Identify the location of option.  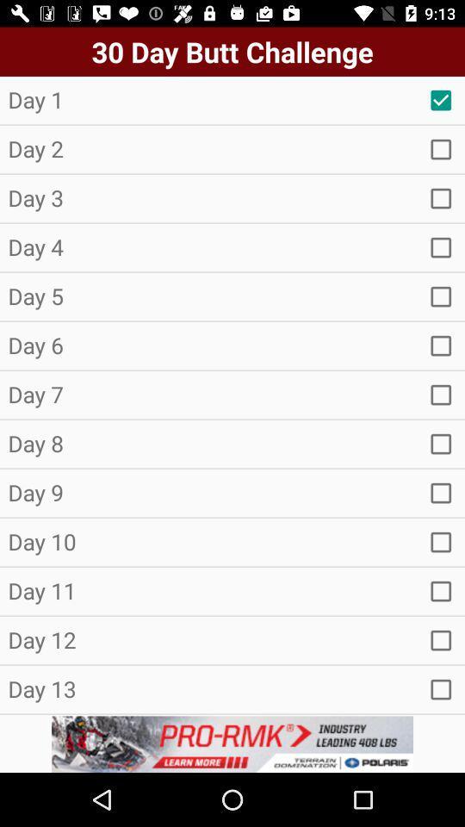
(441, 639).